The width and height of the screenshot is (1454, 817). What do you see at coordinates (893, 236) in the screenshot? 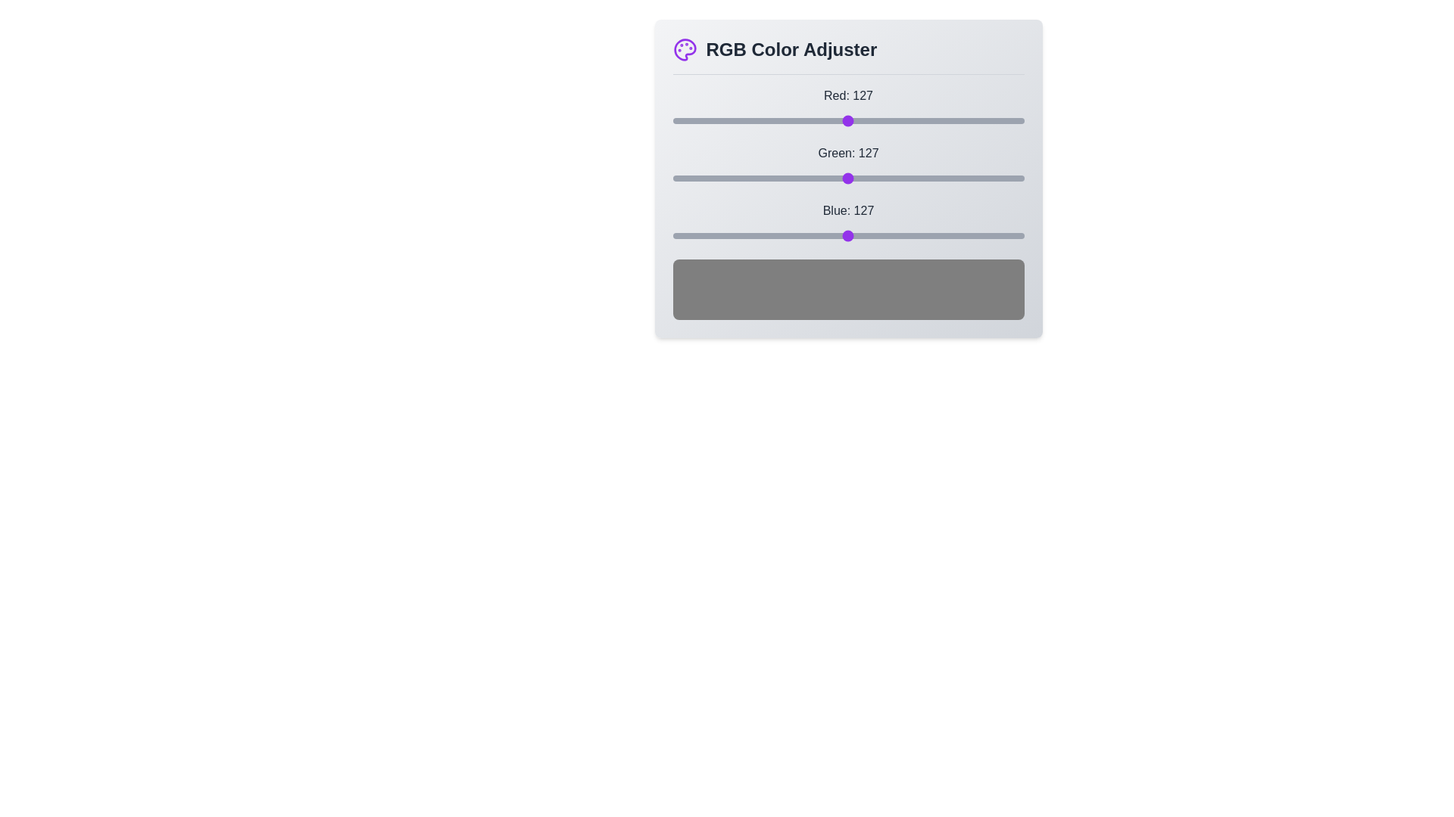
I see `the blue slider to 160 by dragging the slider` at bounding box center [893, 236].